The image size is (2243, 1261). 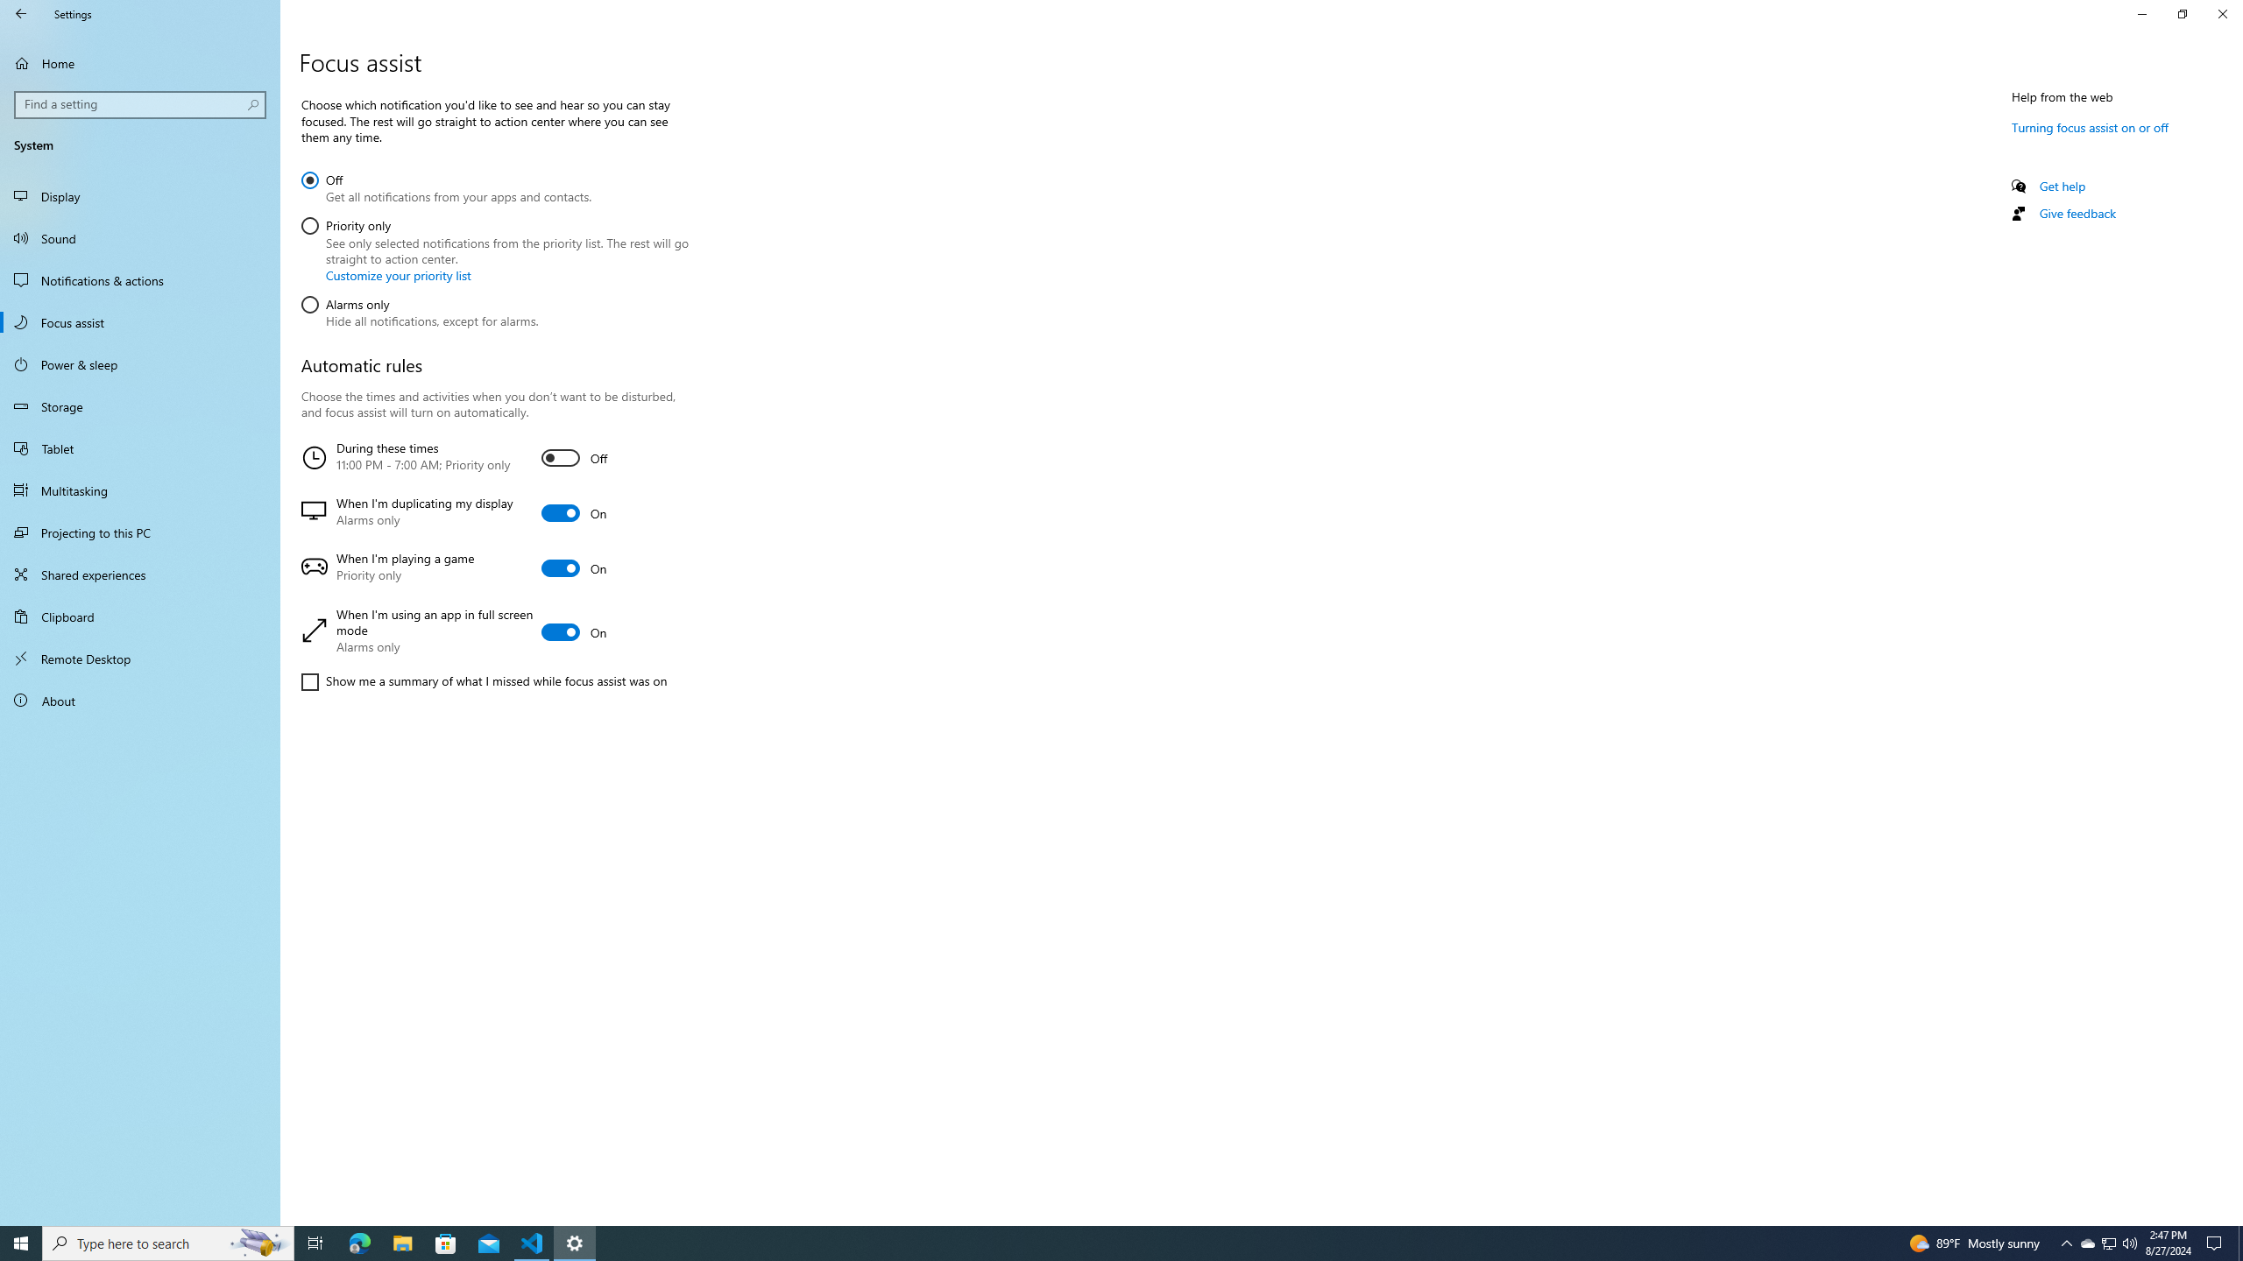 What do you see at coordinates (21, 13) in the screenshot?
I see `'Back'` at bounding box center [21, 13].